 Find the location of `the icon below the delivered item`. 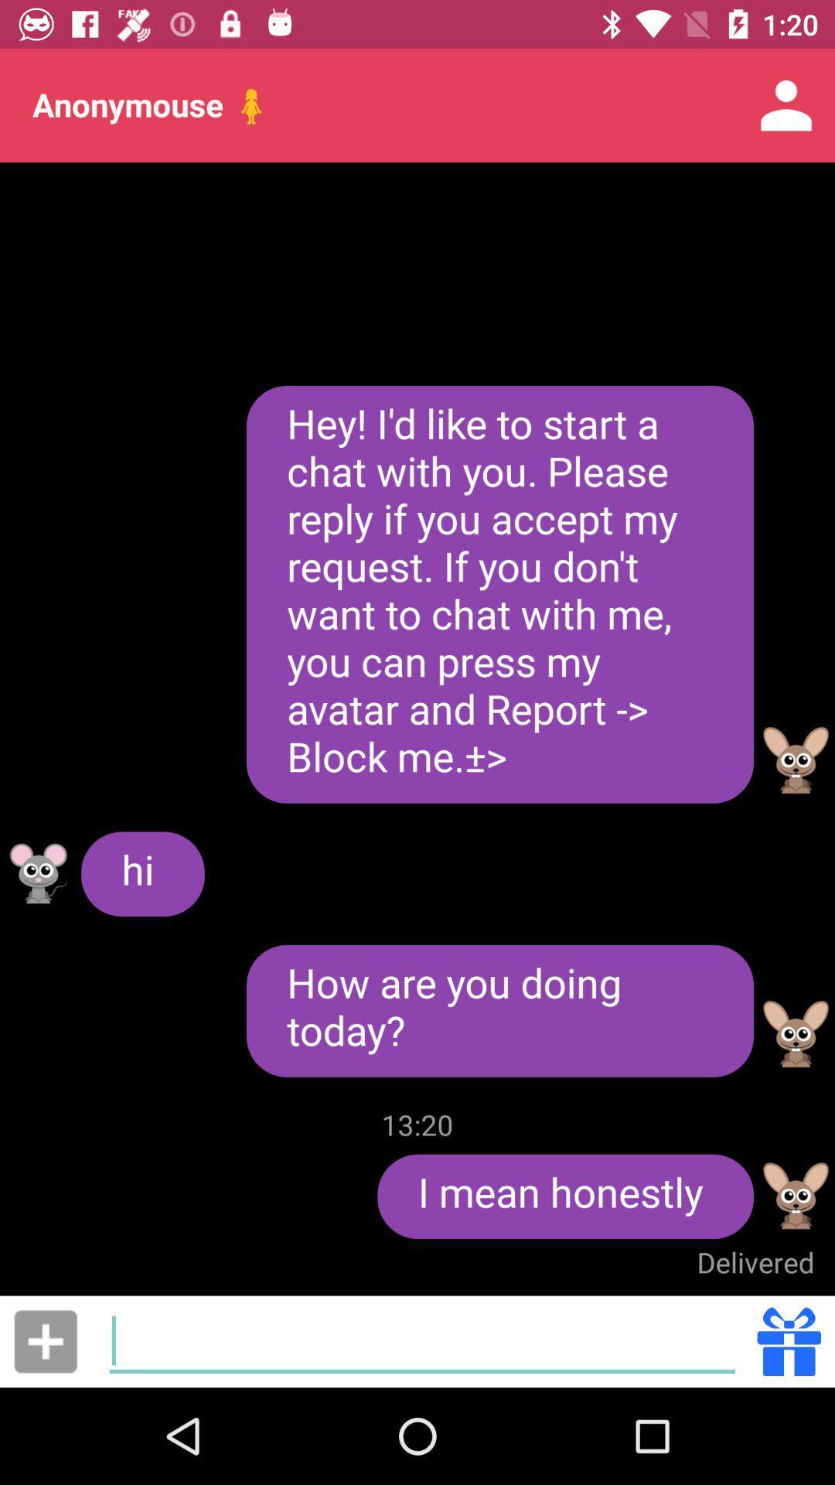

the icon below the delivered item is located at coordinates (789, 1340).